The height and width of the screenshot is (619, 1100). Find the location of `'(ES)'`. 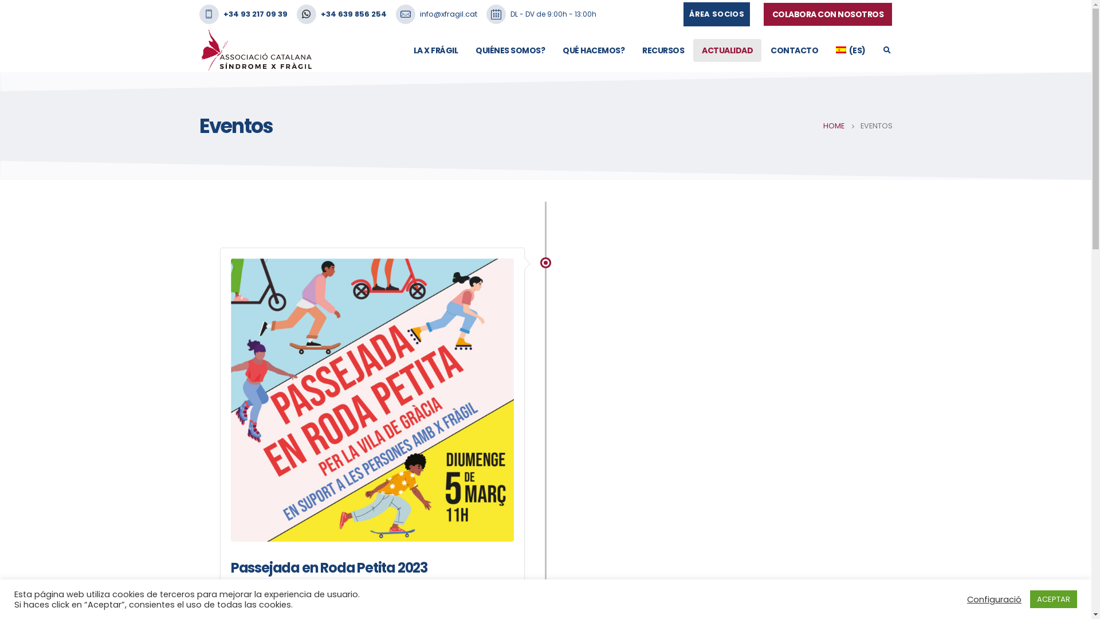

'(ES)' is located at coordinates (850, 50).